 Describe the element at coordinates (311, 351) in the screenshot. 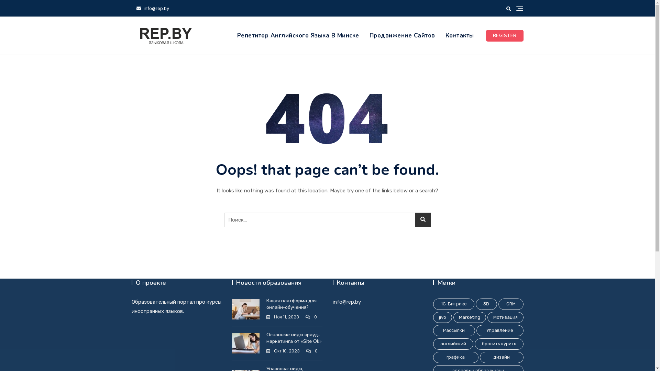

I see `'0'` at that location.